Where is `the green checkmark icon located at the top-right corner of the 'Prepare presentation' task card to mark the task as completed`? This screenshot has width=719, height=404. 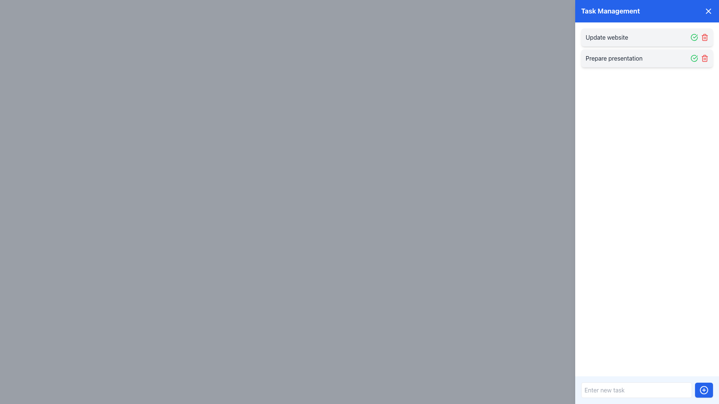 the green checkmark icon located at the top-right corner of the 'Prepare presentation' task card to mark the task as completed is located at coordinates (699, 58).